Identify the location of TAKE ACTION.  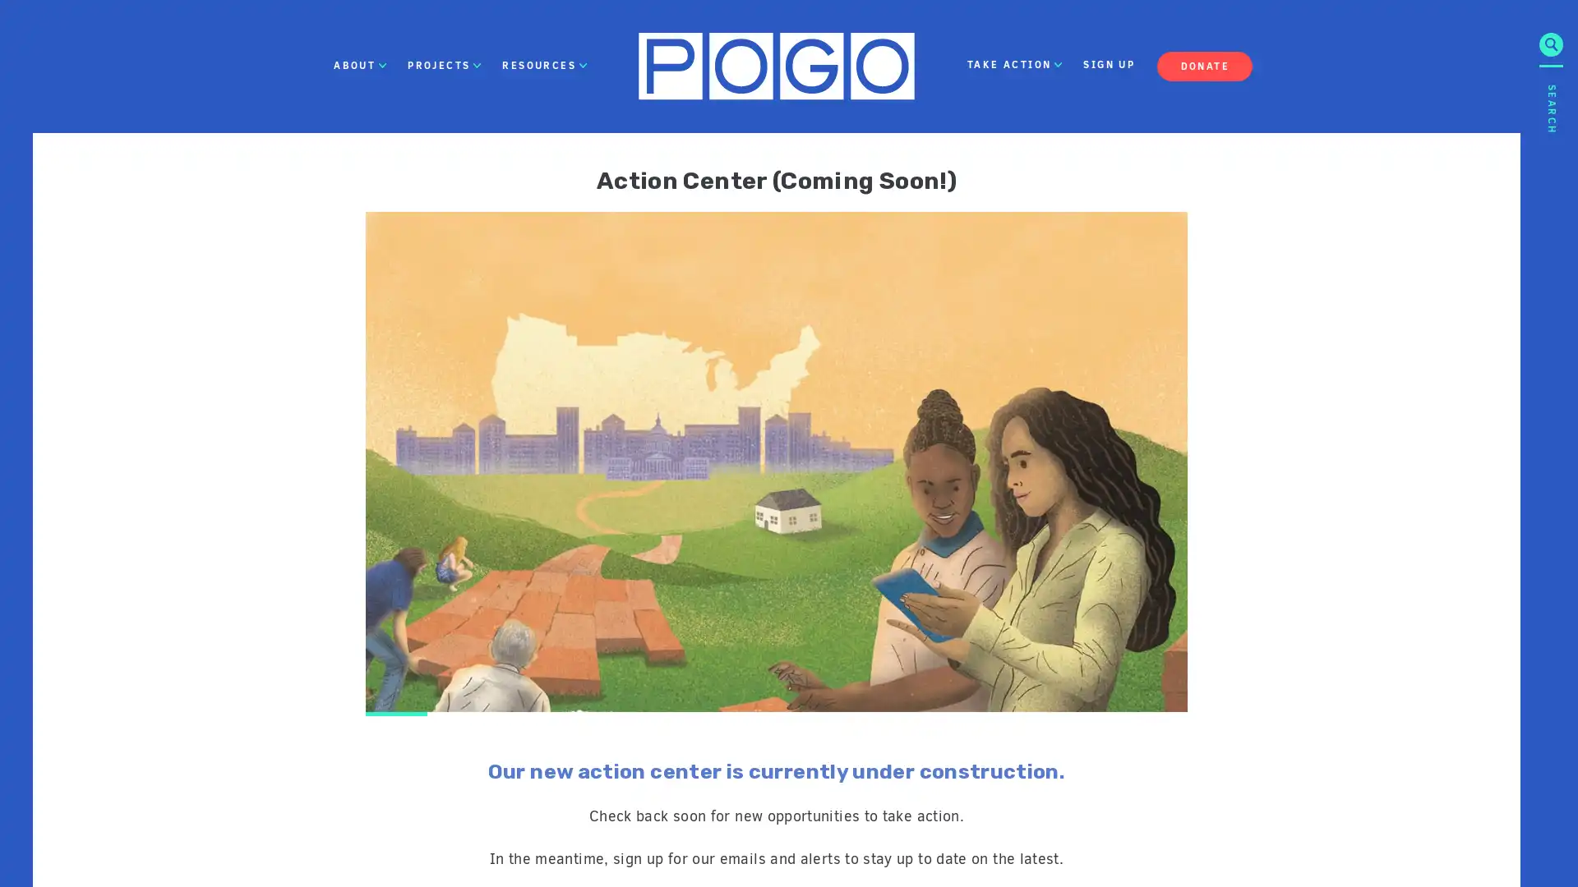
(1013, 65).